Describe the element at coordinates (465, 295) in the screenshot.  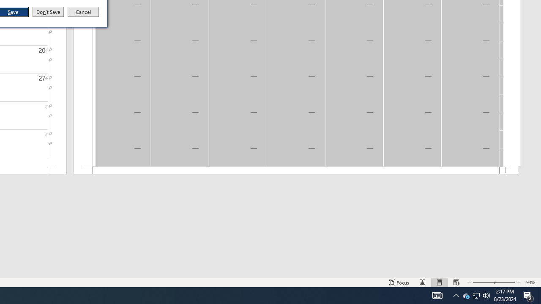
I see `'Q2790: 100%'` at that location.